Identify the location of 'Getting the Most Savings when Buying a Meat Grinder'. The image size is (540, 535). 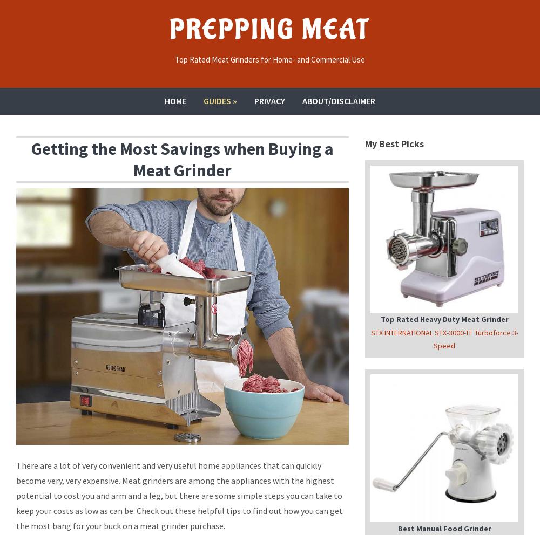
(31, 159).